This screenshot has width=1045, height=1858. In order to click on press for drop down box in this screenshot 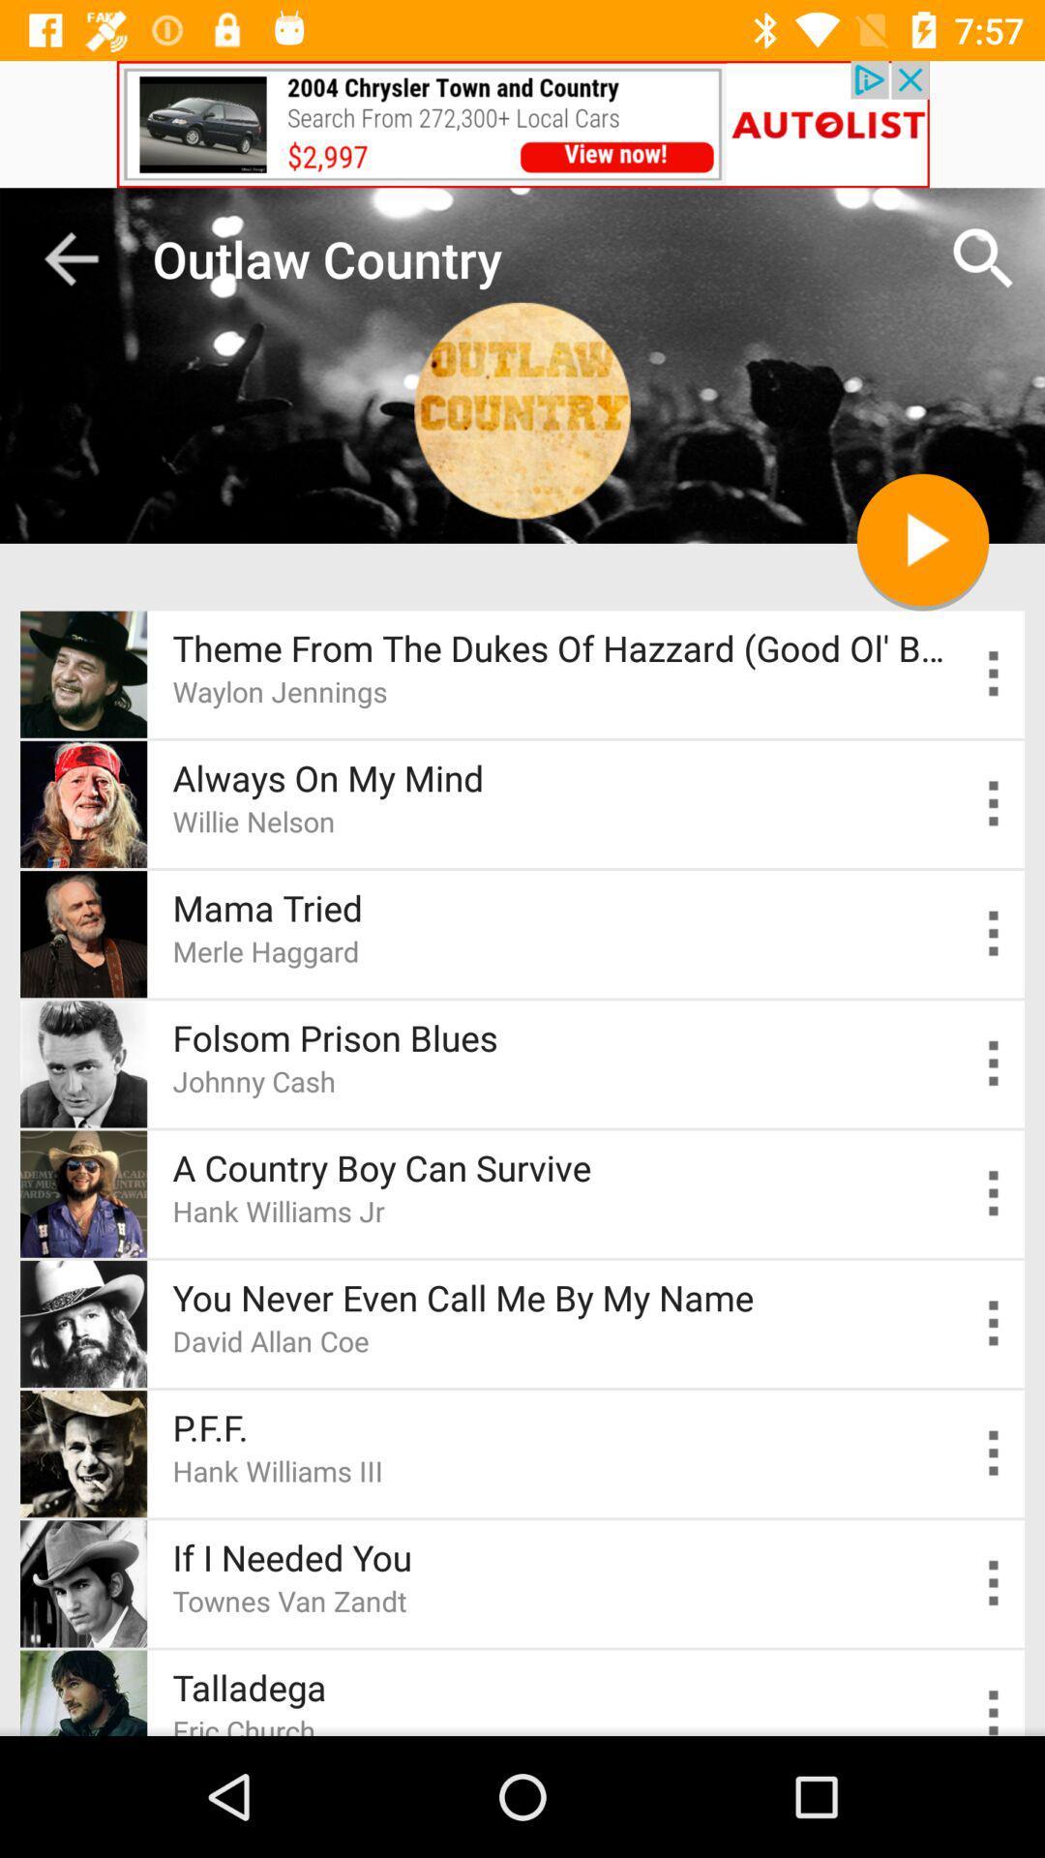, I will do `click(994, 934)`.